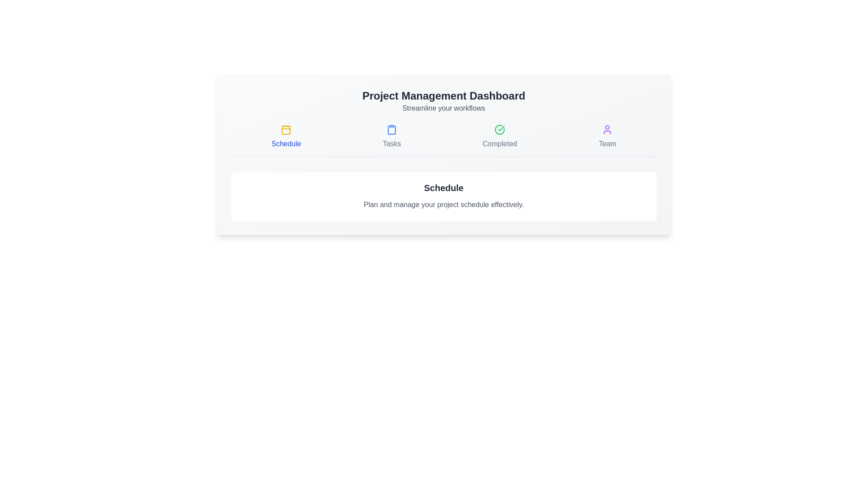 The height and width of the screenshot is (480, 853). Describe the element at coordinates (391, 137) in the screenshot. I see `the interactive element labeled 'Tasks' to observe its hover effect` at that location.